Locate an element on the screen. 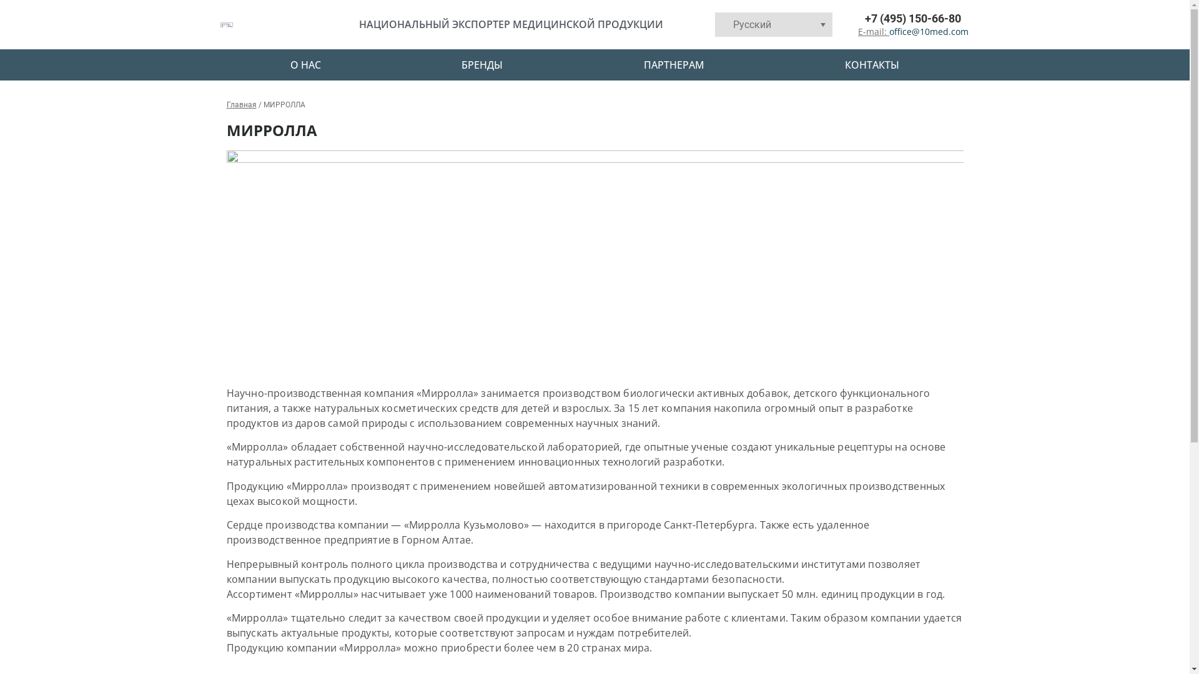  '+7 (495) 150-66-80' is located at coordinates (899, 18).